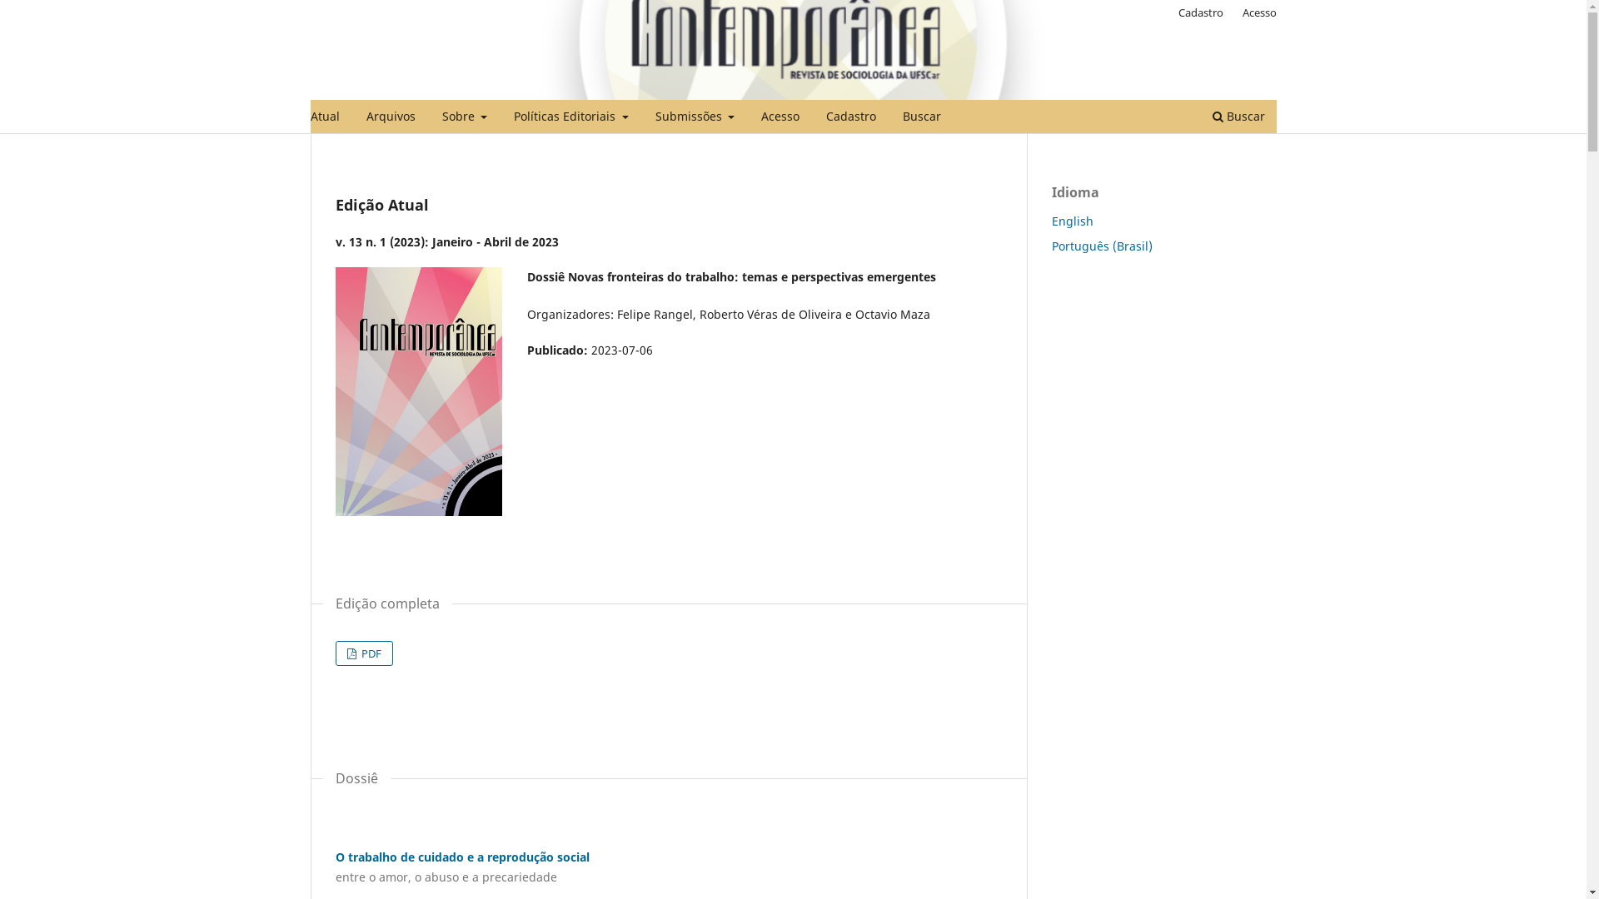  I want to click on 'Cadastro', so click(851, 117).